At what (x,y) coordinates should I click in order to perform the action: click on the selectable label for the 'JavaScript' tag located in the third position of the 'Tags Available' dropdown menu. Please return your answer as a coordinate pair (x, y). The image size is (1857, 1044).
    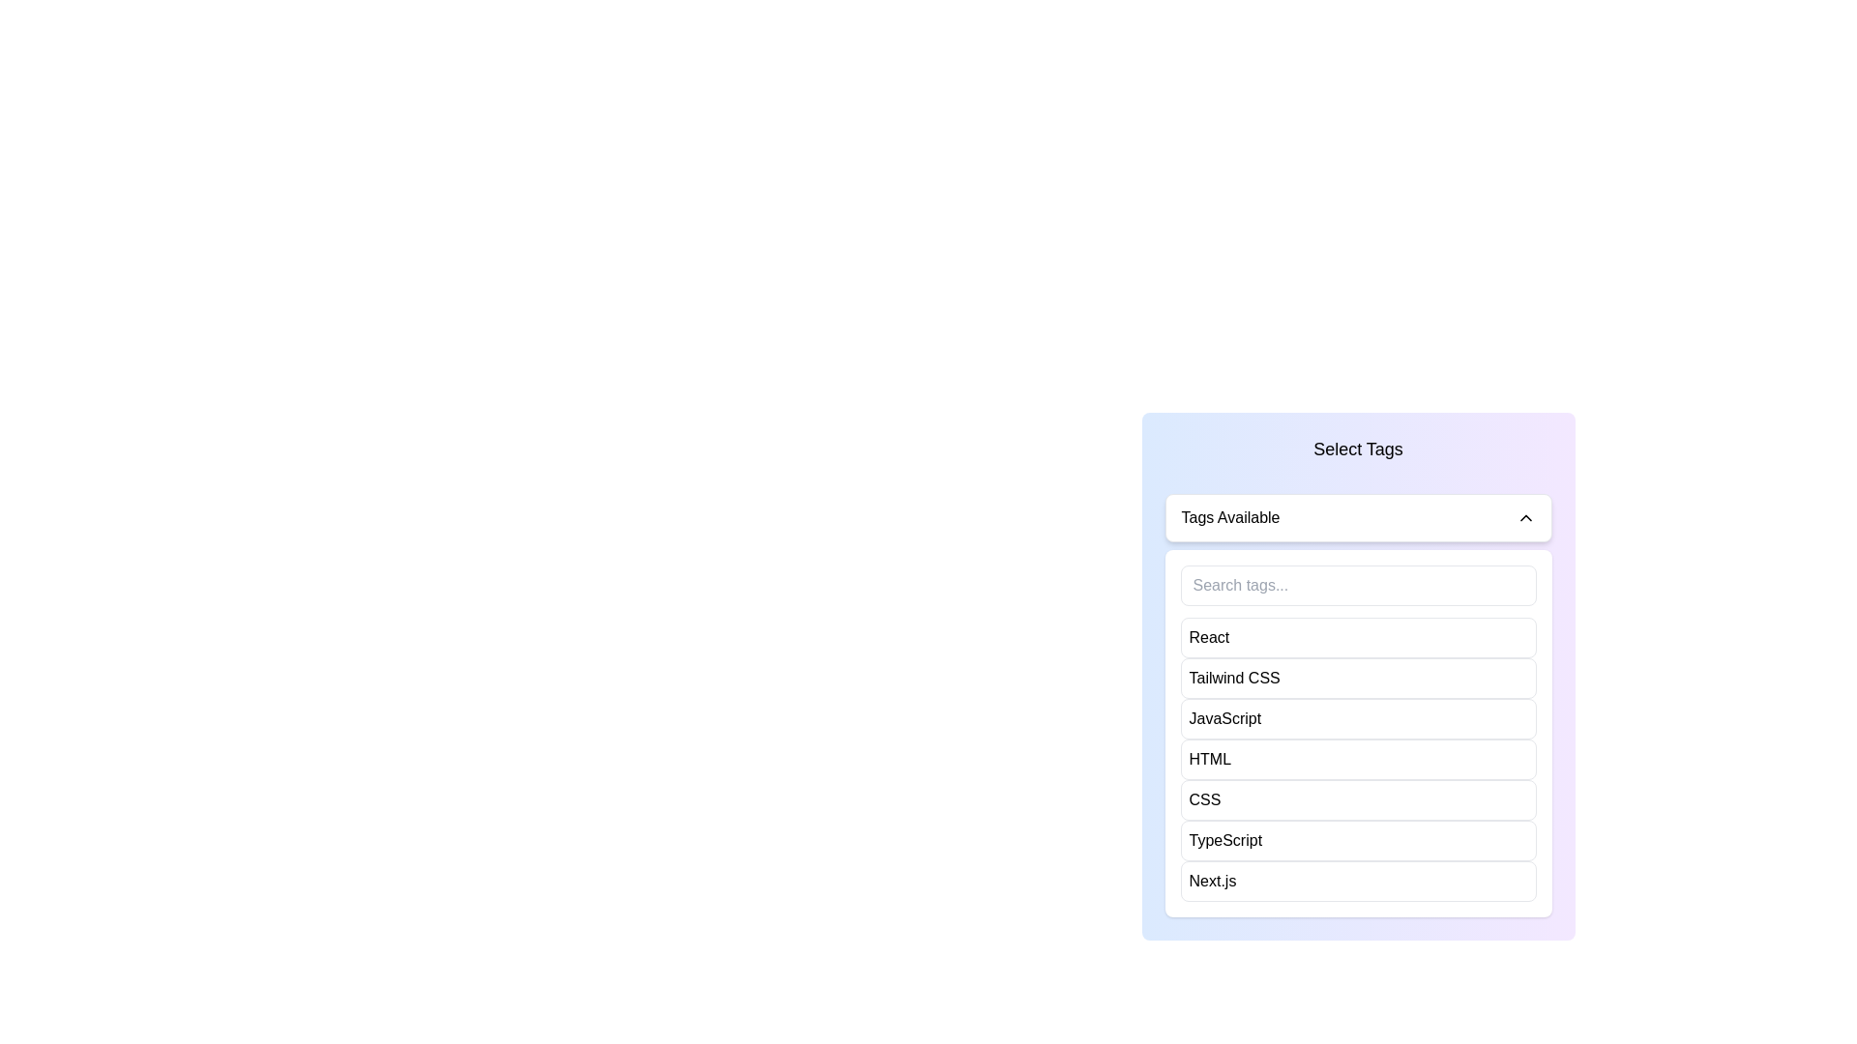
    Looking at the image, I should click on (1223, 719).